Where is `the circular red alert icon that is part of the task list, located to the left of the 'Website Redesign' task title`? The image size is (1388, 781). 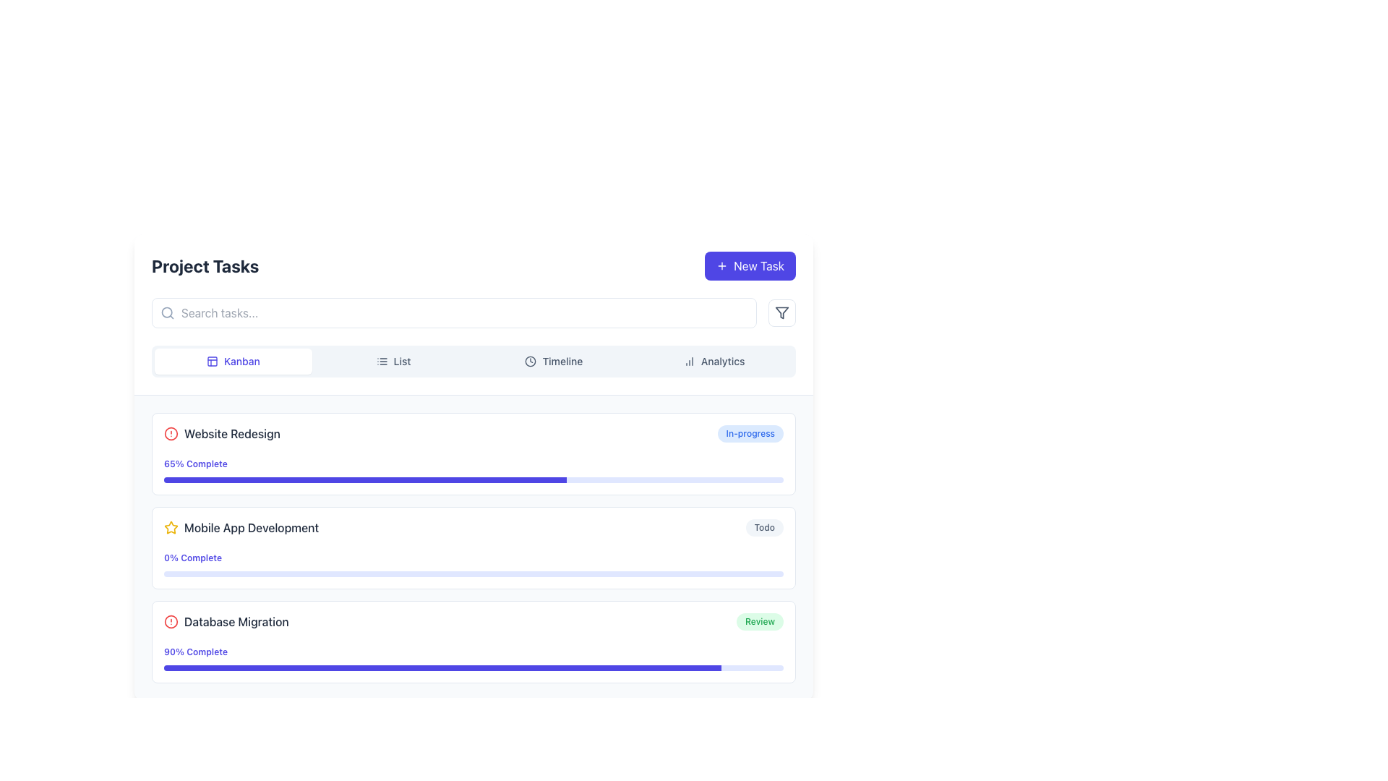
the circular red alert icon that is part of the task list, located to the left of the 'Website Redesign' task title is located at coordinates (171, 433).